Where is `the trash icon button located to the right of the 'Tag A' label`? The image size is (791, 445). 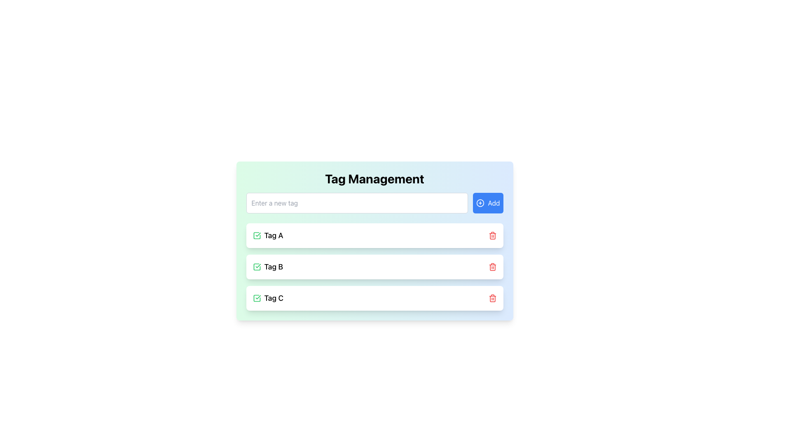
the trash icon button located to the right of the 'Tag A' label is located at coordinates (492, 235).